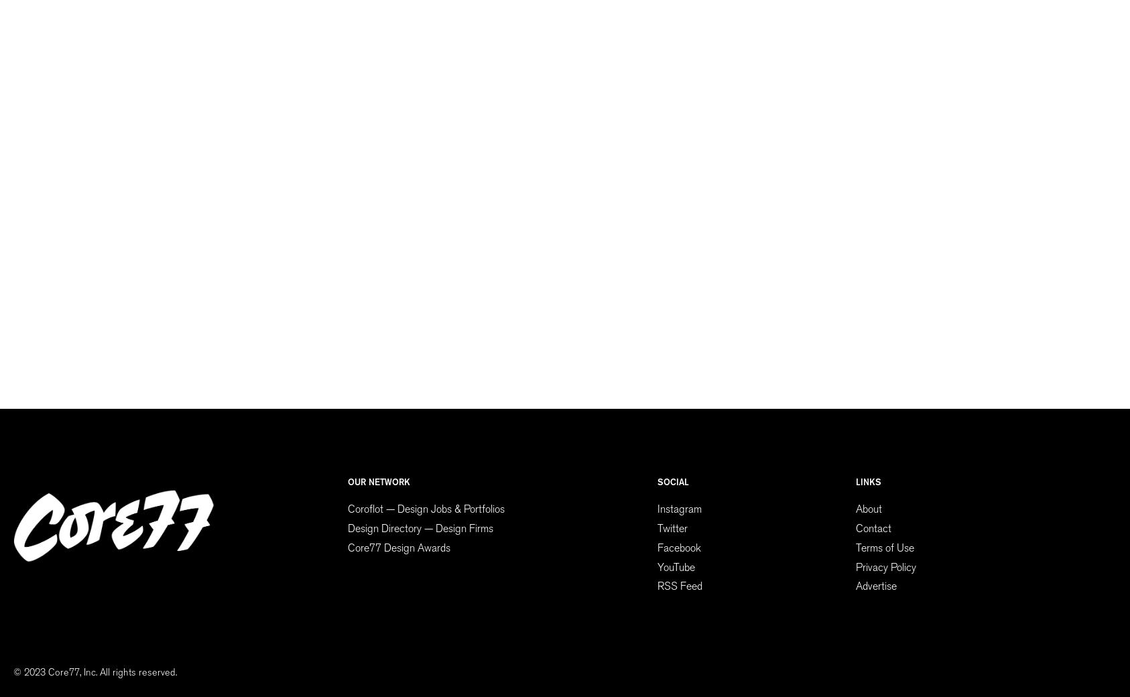 This screenshot has width=1130, height=697. Describe the element at coordinates (884, 546) in the screenshot. I see `'Terms of Use'` at that location.